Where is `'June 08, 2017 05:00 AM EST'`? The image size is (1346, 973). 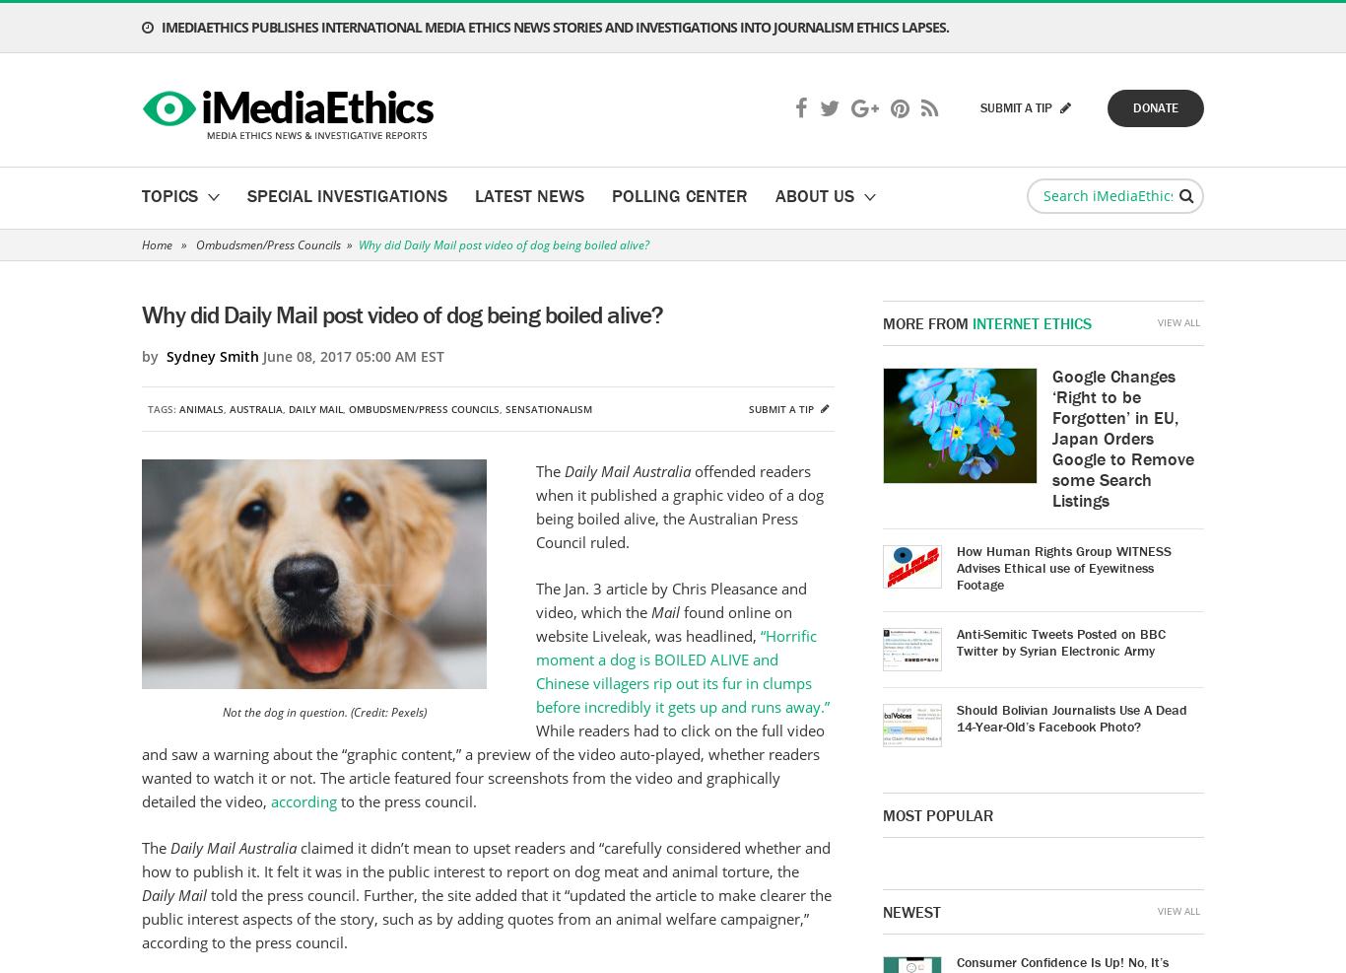 'June 08, 2017 05:00 AM EST' is located at coordinates (350, 356).